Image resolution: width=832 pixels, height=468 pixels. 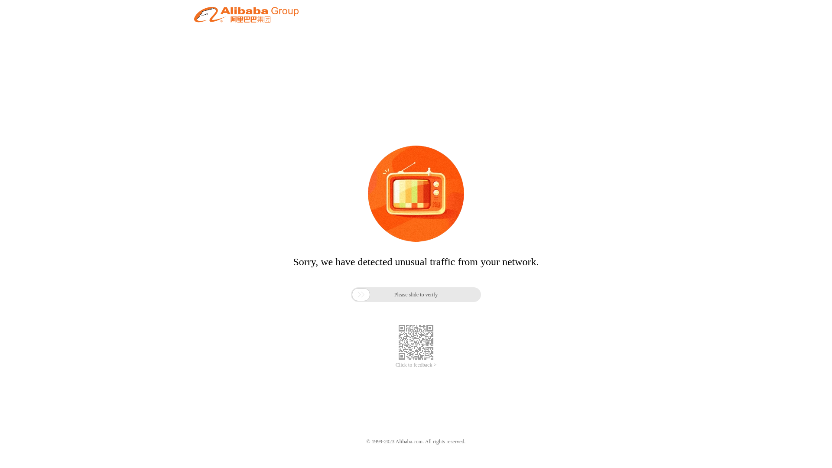 I want to click on 'Click to feedback >', so click(x=416, y=365).